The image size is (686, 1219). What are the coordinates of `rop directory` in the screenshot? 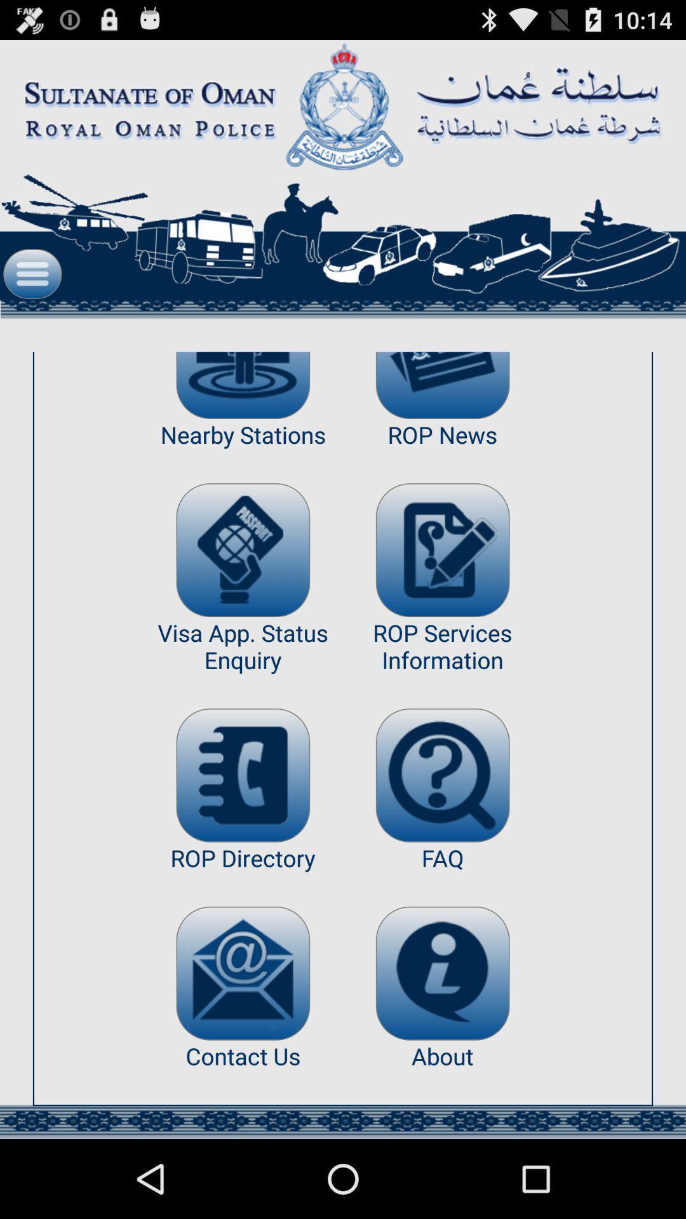 It's located at (243, 775).